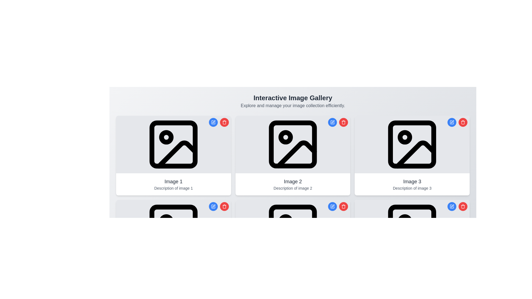 The width and height of the screenshot is (532, 299). What do you see at coordinates (166, 137) in the screenshot?
I see `the small circular dot located at the top-left corner of the image placeholder for 'Image 1', which resembles a photo frame symbol in the grid layout` at bounding box center [166, 137].